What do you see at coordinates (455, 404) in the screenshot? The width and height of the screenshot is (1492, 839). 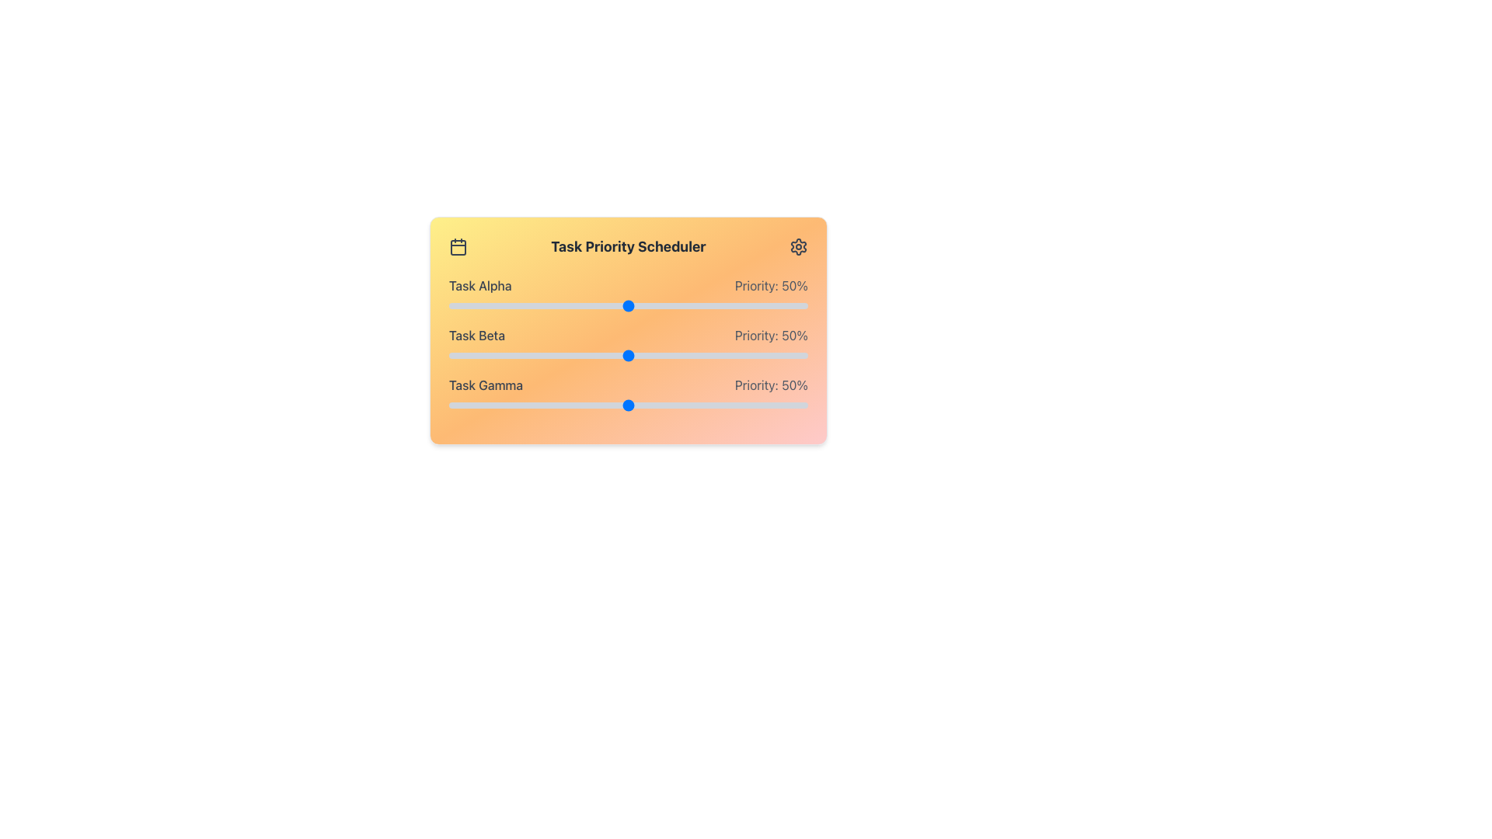 I see `the priority of Task Gamma` at bounding box center [455, 404].